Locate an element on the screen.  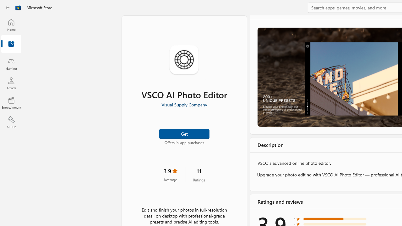
'Entertainment' is located at coordinates (11, 102).